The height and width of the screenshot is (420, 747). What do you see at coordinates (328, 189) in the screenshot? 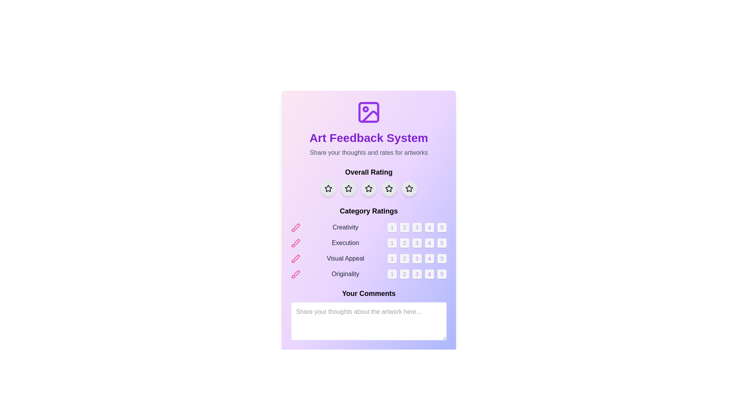
I see `the leftmost button under the 'Overall Rating' heading` at bounding box center [328, 189].